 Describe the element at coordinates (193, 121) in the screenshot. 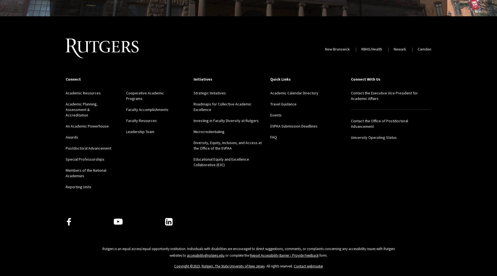

I see `'Investing in Faculty Diversity at Rutgers'` at that location.